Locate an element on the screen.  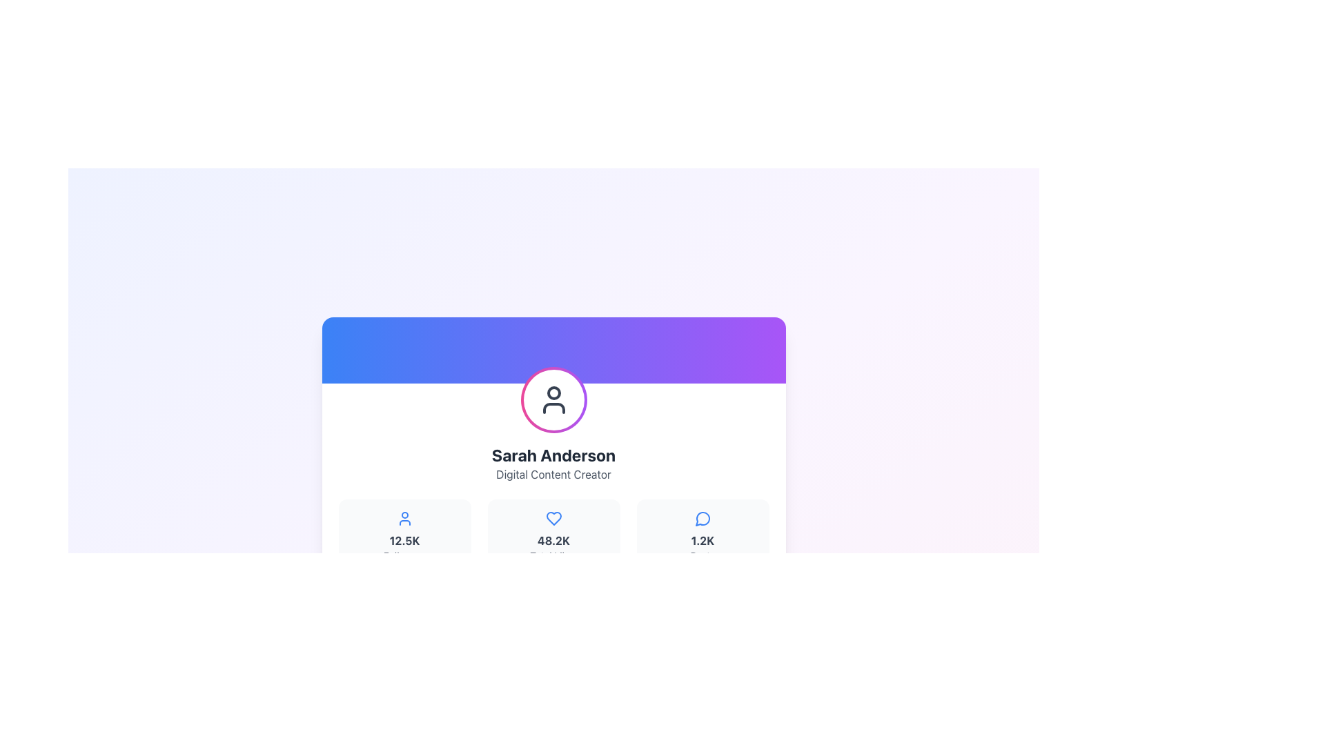
the heart-shaped icon with a blue outline that represents a liking function, located centrally above the text '48.2K Posts' is located at coordinates (553, 519).